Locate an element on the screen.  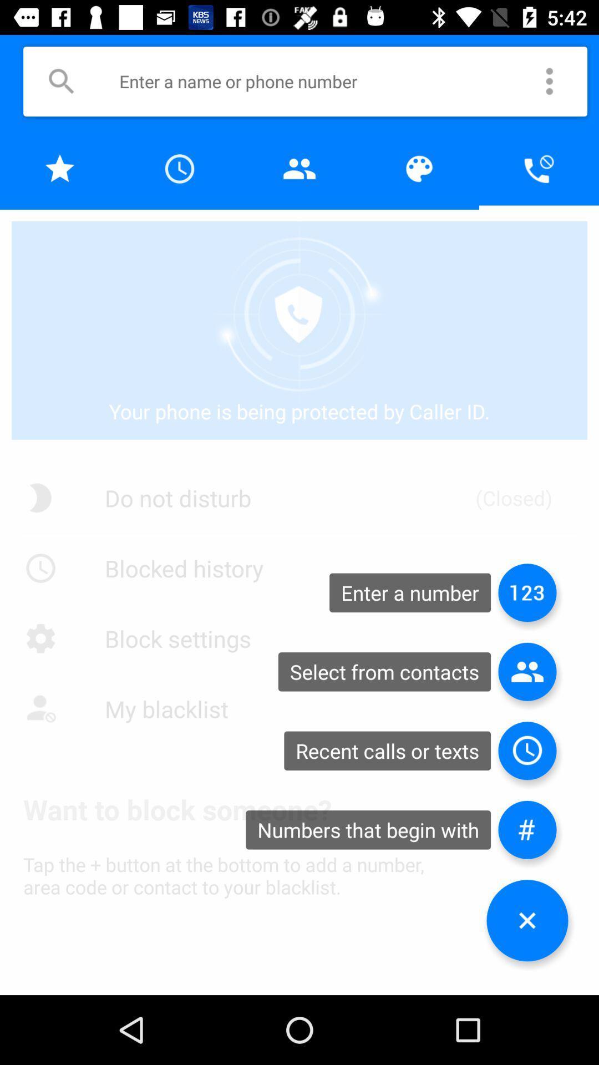
the group icon is located at coordinates (527, 671).